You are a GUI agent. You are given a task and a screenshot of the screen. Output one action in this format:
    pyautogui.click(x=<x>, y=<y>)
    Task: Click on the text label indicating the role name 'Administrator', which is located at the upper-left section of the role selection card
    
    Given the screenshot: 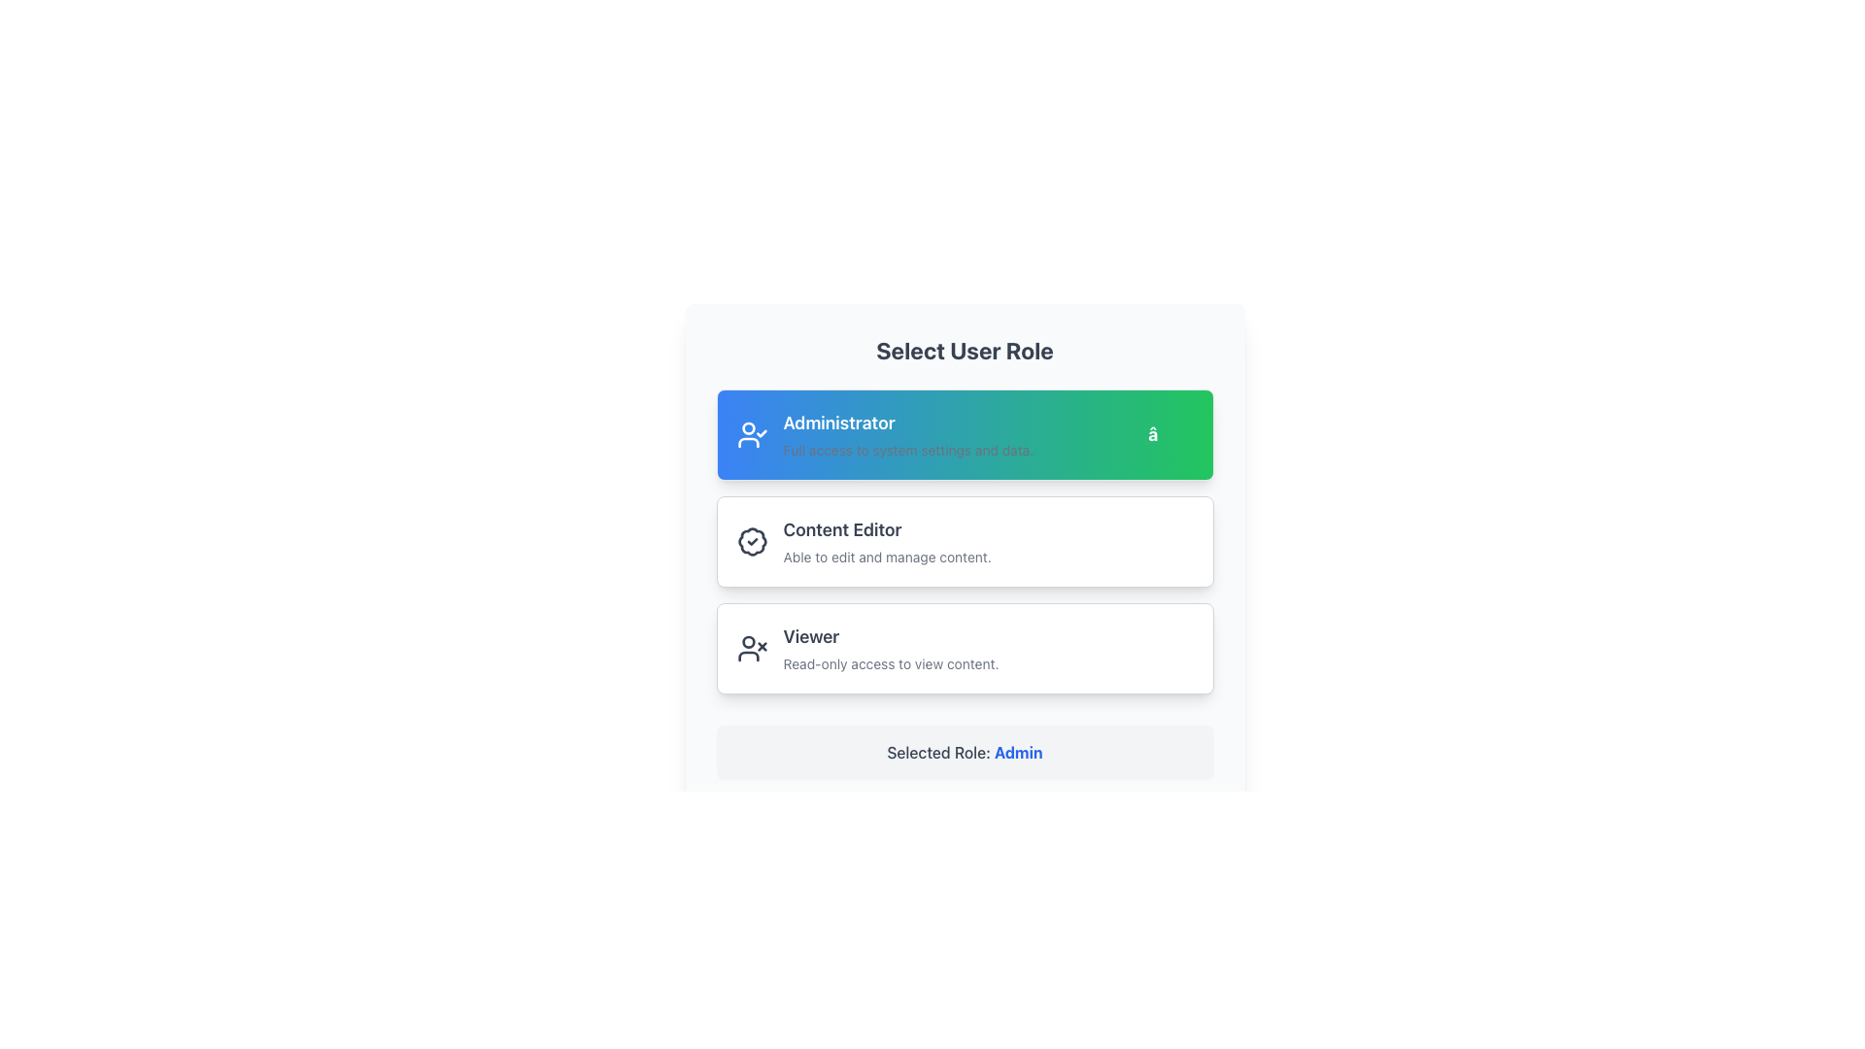 What is the action you would take?
    pyautogui.click(x=839, y=422)
    